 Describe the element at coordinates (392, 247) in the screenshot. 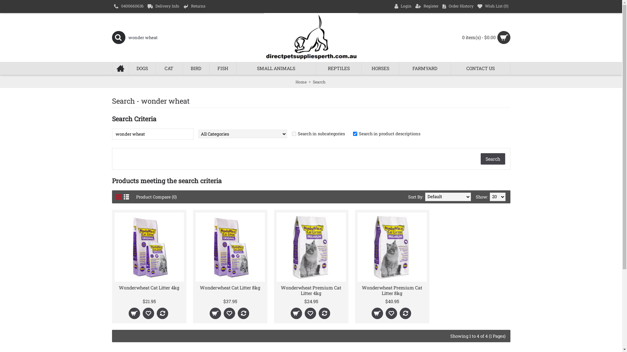

I see `'Wonderwheat Premium Cat Litter 8kg'` at that location.